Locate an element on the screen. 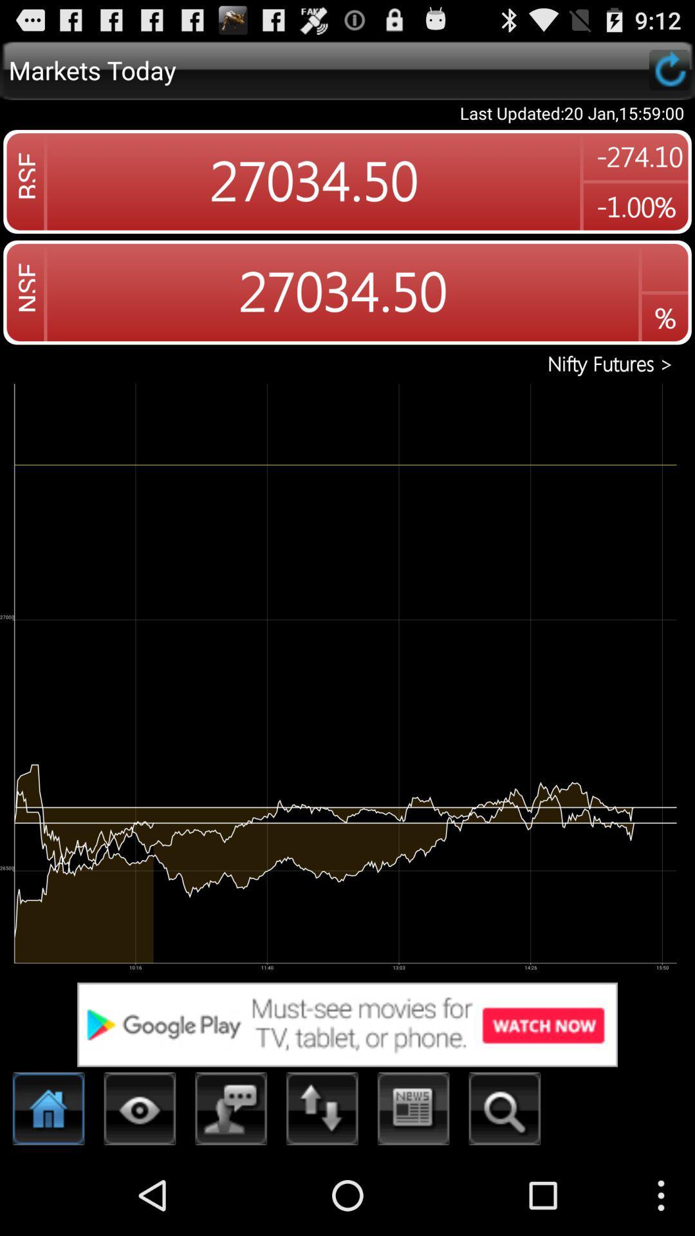  advertisement is located at coordinates (347, 1024).